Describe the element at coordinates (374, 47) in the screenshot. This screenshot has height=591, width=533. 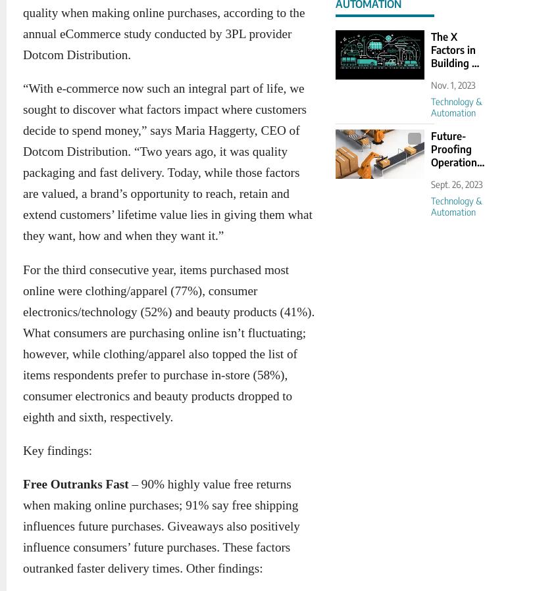
I see `'277192959 © Markus Tretter | Dreamstime.com'` at that location.